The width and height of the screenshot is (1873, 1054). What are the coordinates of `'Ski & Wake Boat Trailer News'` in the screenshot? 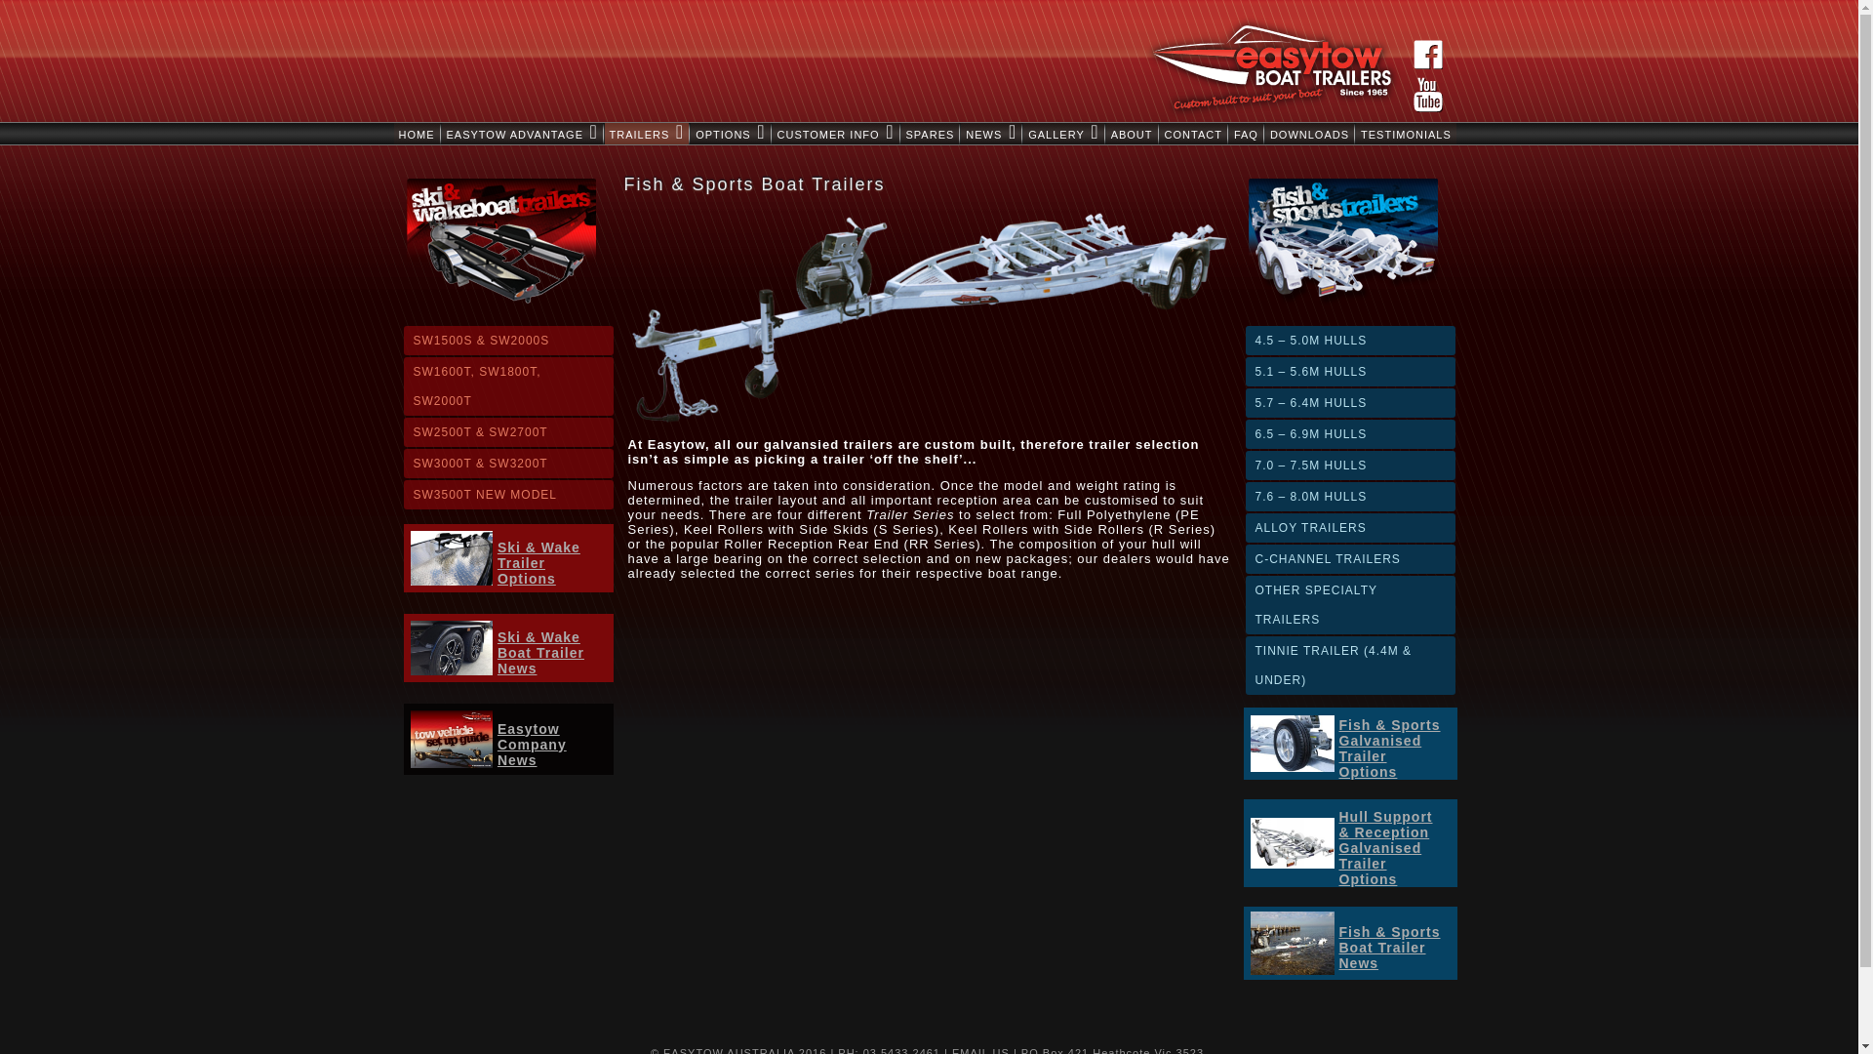 It's located at (497, 652).